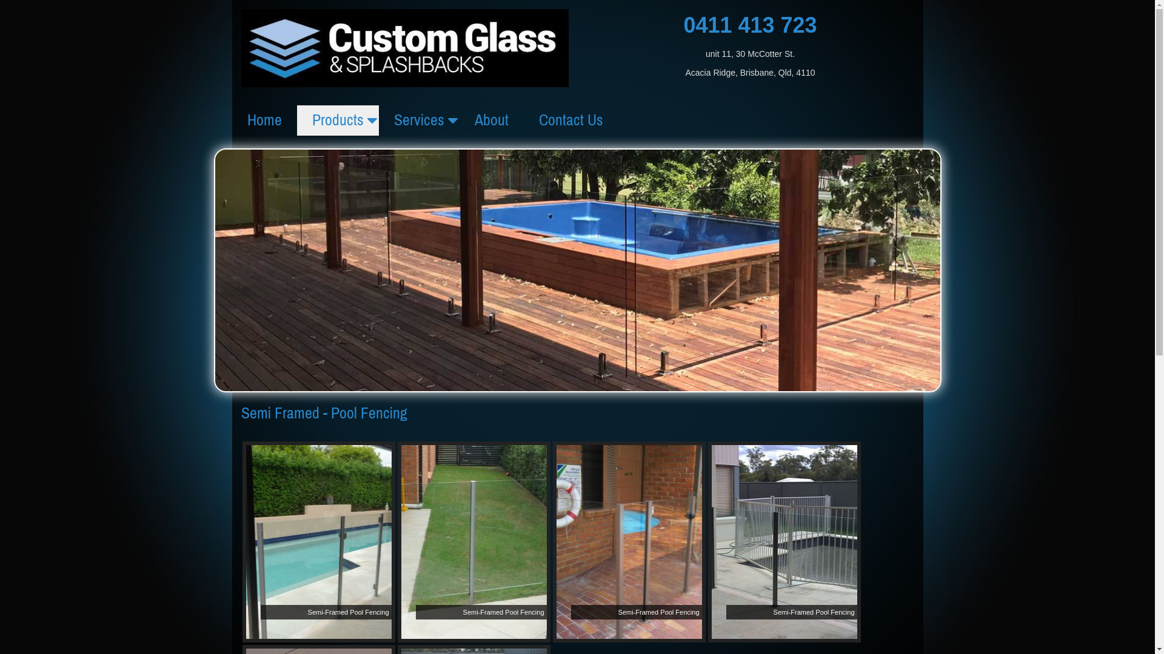  I want to click on 'About', so click(492, 121).